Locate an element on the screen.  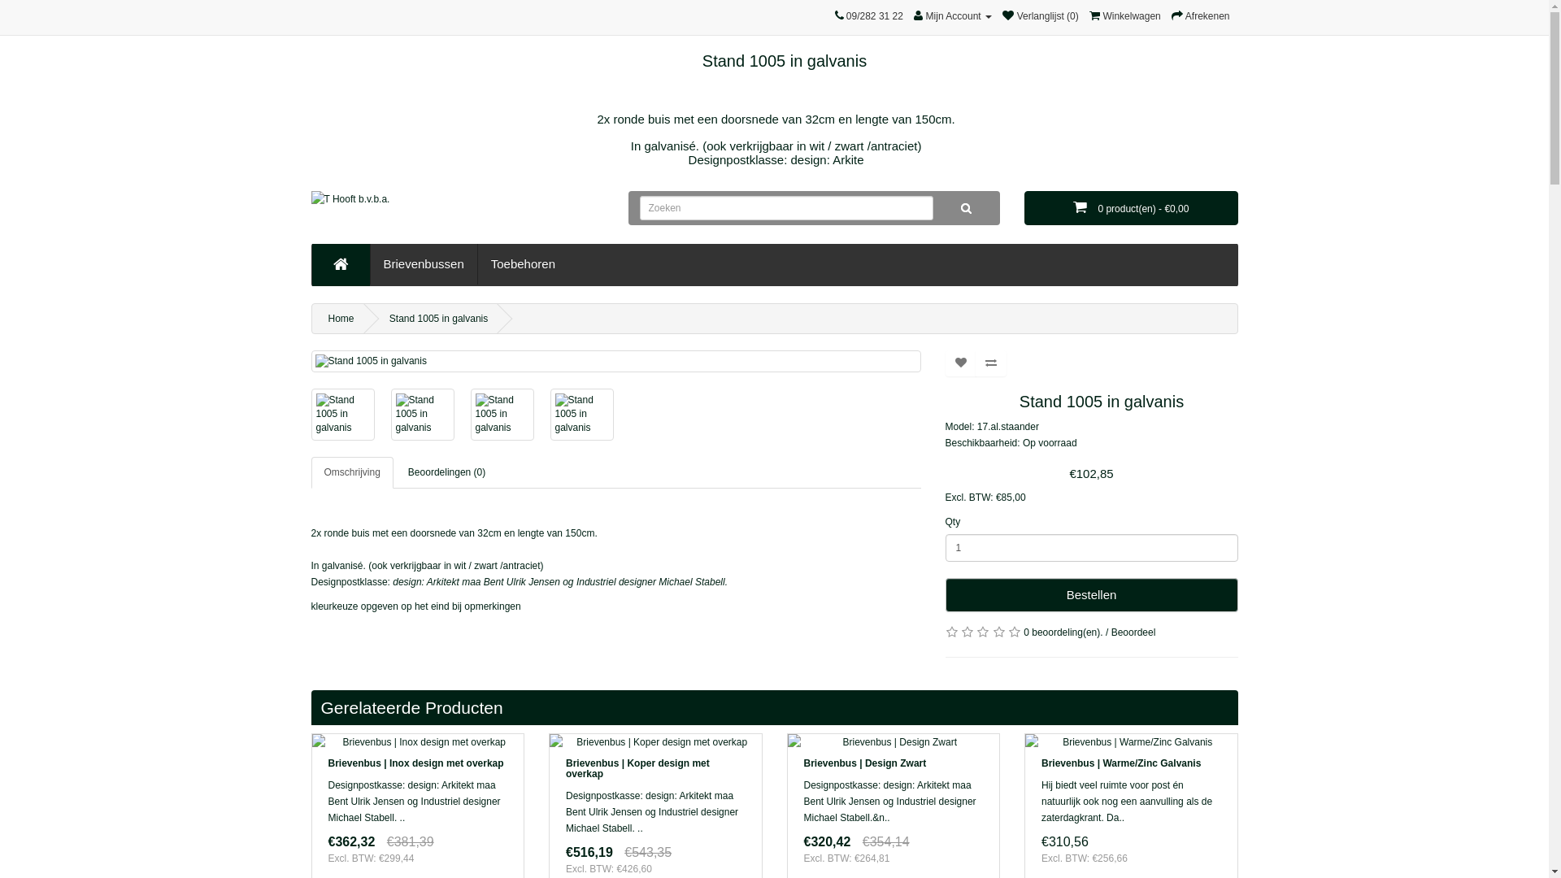
'Toebehoren' is located at coordinates (523, 263).